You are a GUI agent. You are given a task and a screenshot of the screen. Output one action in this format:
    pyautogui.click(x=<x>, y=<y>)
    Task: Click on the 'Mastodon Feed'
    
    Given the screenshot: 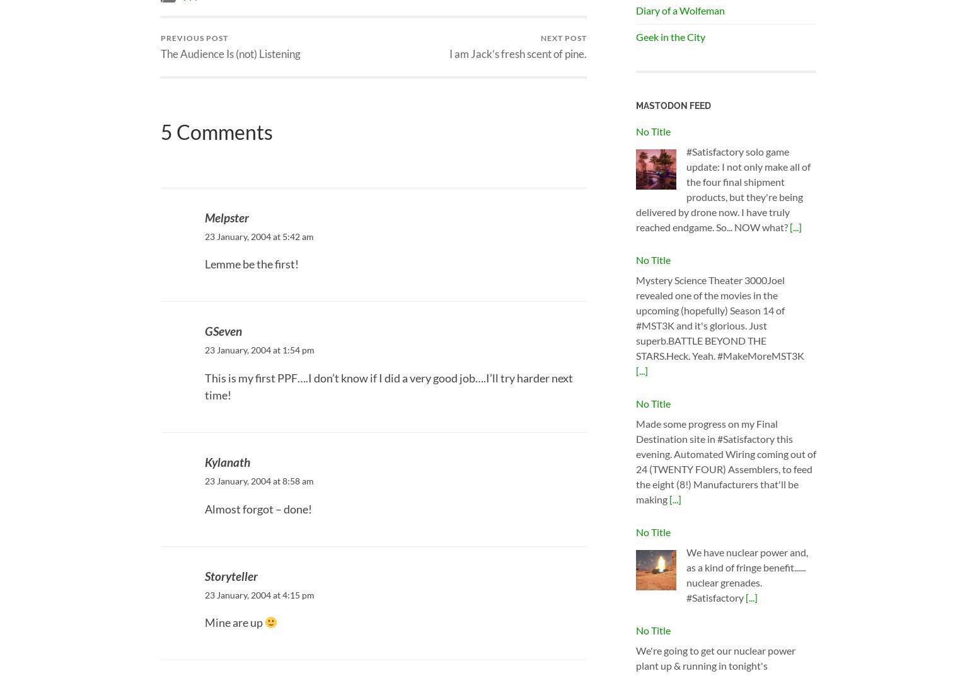 What is the action you would take?
    pyautogui.click(x=673, y=105)
    